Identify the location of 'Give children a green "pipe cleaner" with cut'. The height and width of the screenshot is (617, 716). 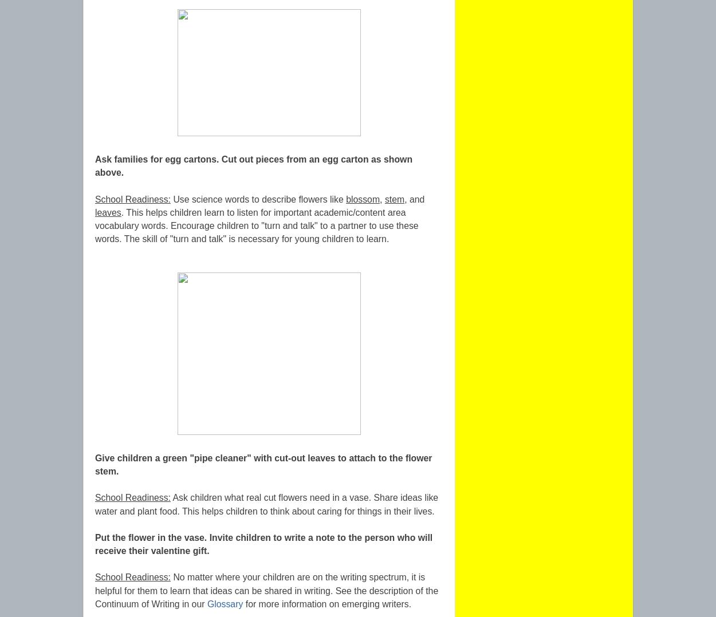
(191, 457).